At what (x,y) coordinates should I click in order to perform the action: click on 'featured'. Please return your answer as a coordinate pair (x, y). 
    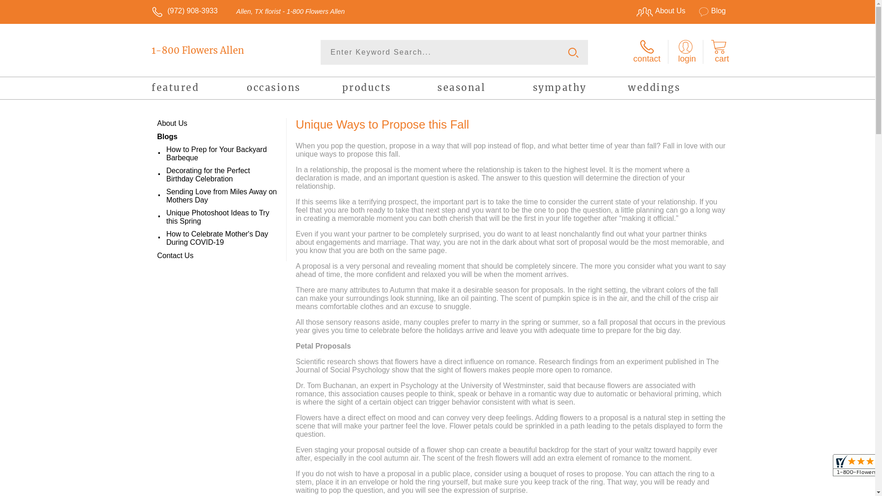
    Looking at the image, I should click on (198, 89).